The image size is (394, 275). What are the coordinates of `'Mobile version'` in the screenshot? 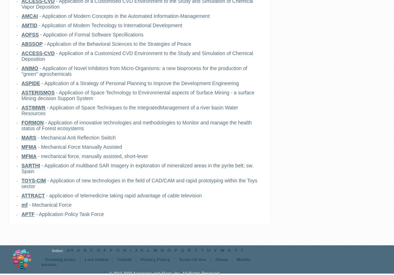 It's located at (145, 262).